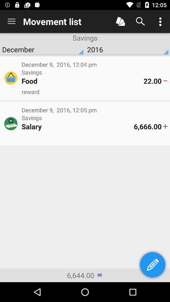 The image size is (170, 302). Describe the element at coordinates (77, 126) in the screenshot. I see `the icon below savings icon` at that location.